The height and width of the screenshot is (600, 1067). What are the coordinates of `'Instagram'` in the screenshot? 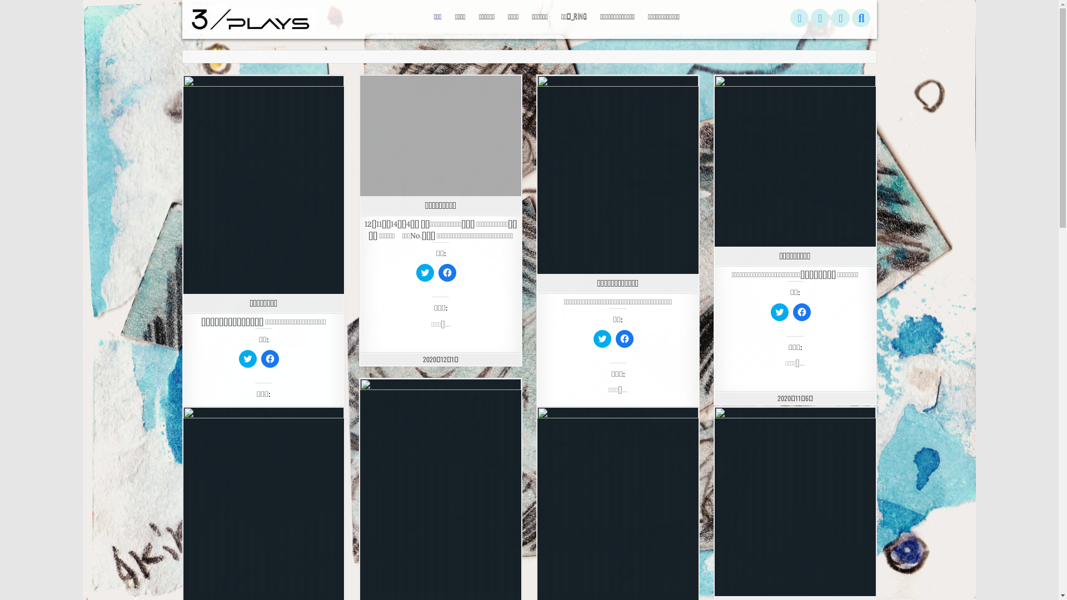 It's located at (840, 18).